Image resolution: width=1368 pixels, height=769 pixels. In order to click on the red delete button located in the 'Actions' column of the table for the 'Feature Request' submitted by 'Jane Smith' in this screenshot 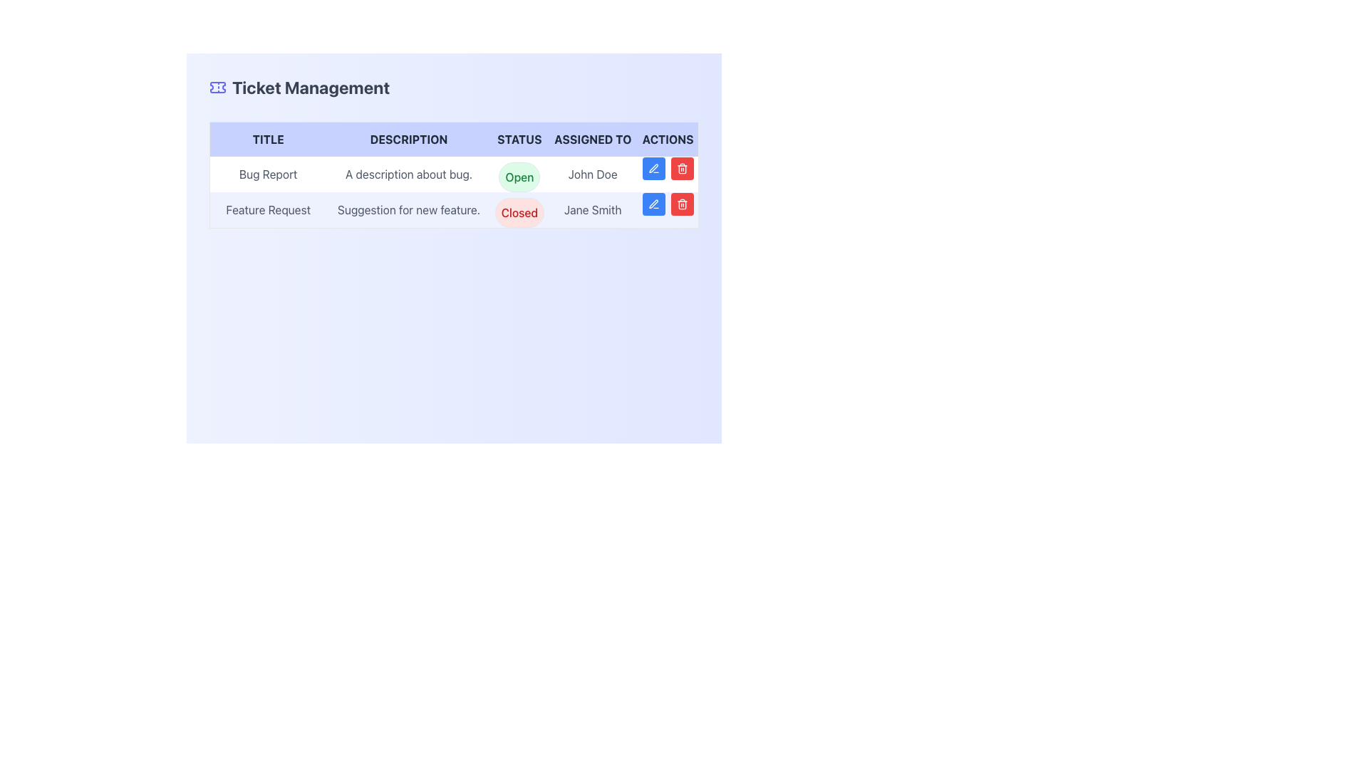, I will do `click(667, 204)`.